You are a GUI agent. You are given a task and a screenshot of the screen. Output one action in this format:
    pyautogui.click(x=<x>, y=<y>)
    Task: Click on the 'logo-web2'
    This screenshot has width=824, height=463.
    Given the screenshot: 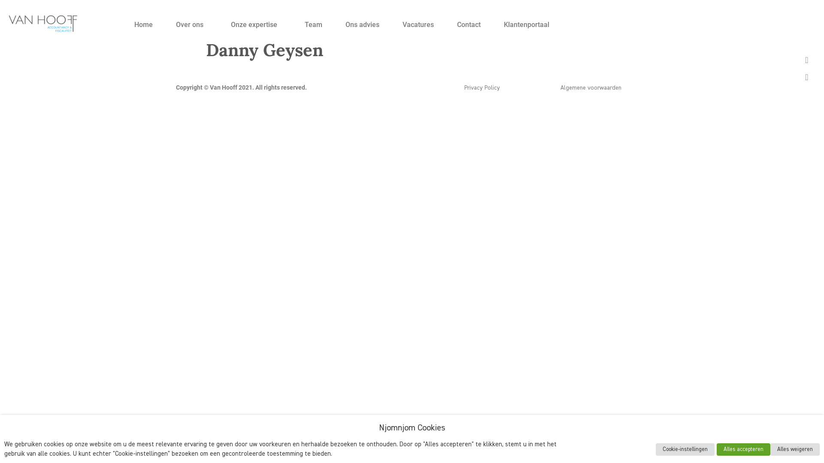 What is the action you would take?
    pyautogui.click(x=42, y=23)
    